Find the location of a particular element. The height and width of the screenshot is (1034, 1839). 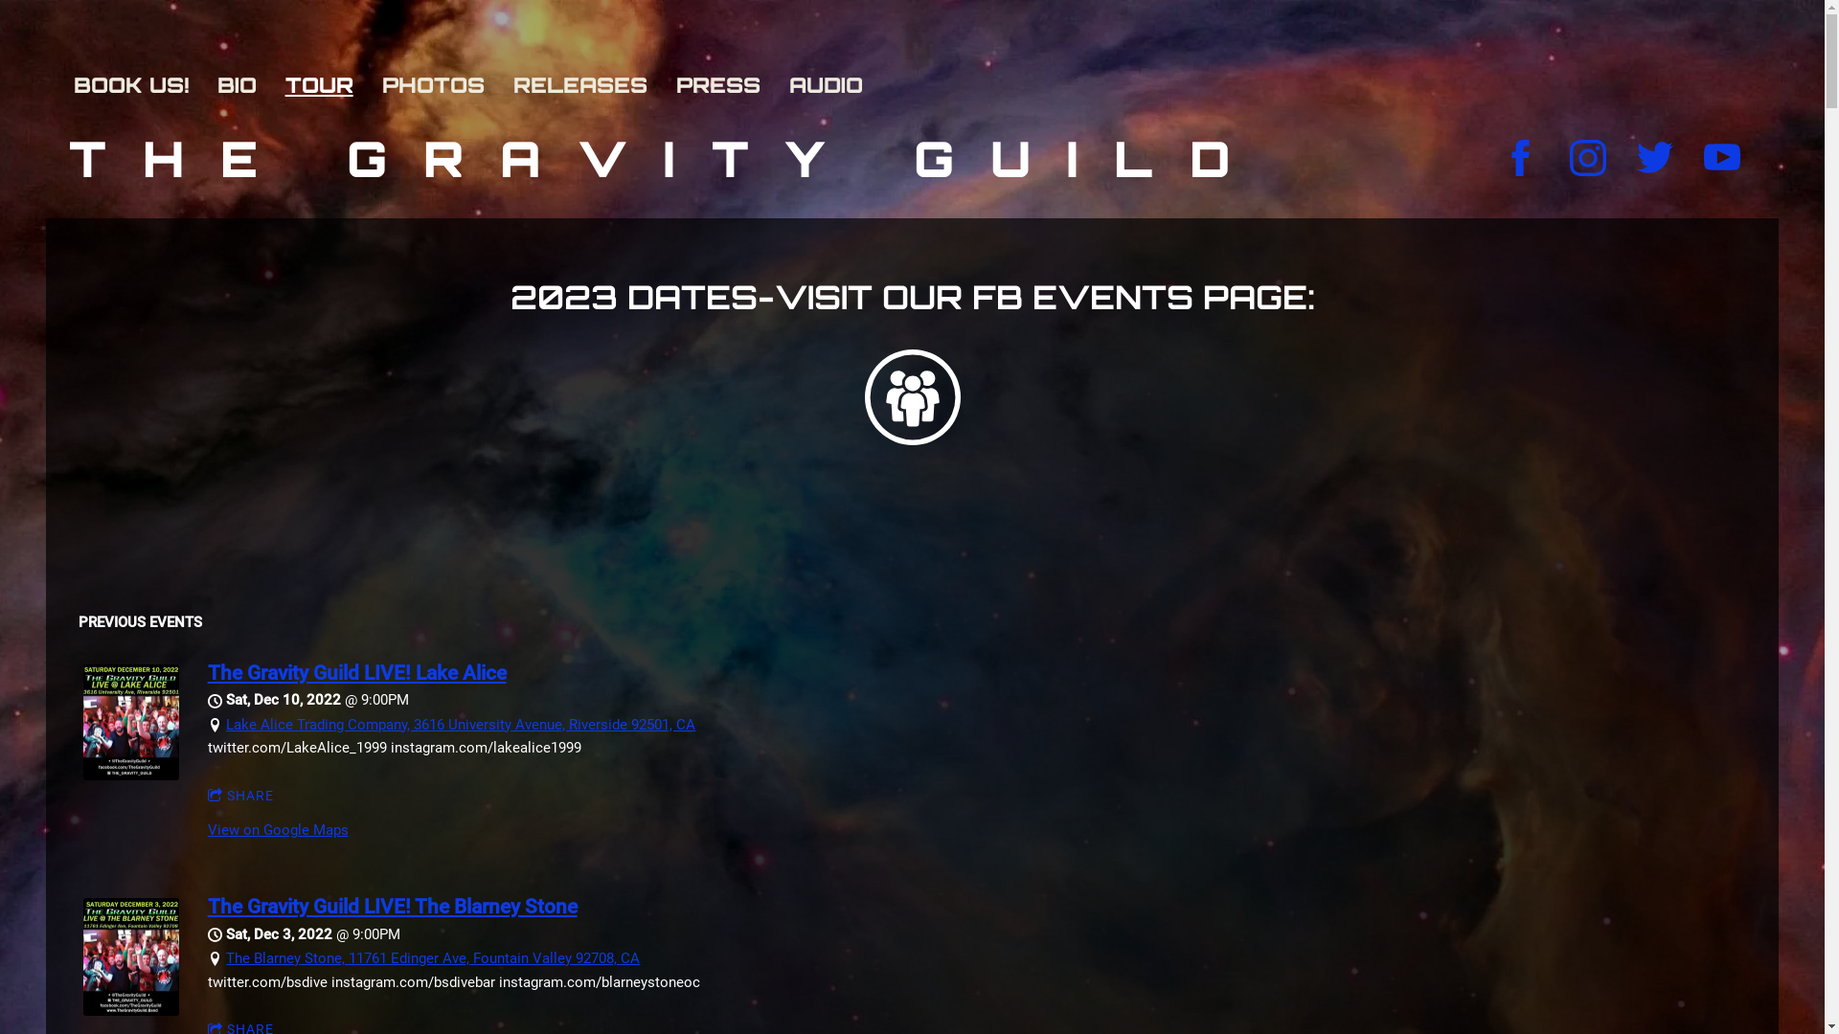

'SHARE' is located at coordinates (240, 797).